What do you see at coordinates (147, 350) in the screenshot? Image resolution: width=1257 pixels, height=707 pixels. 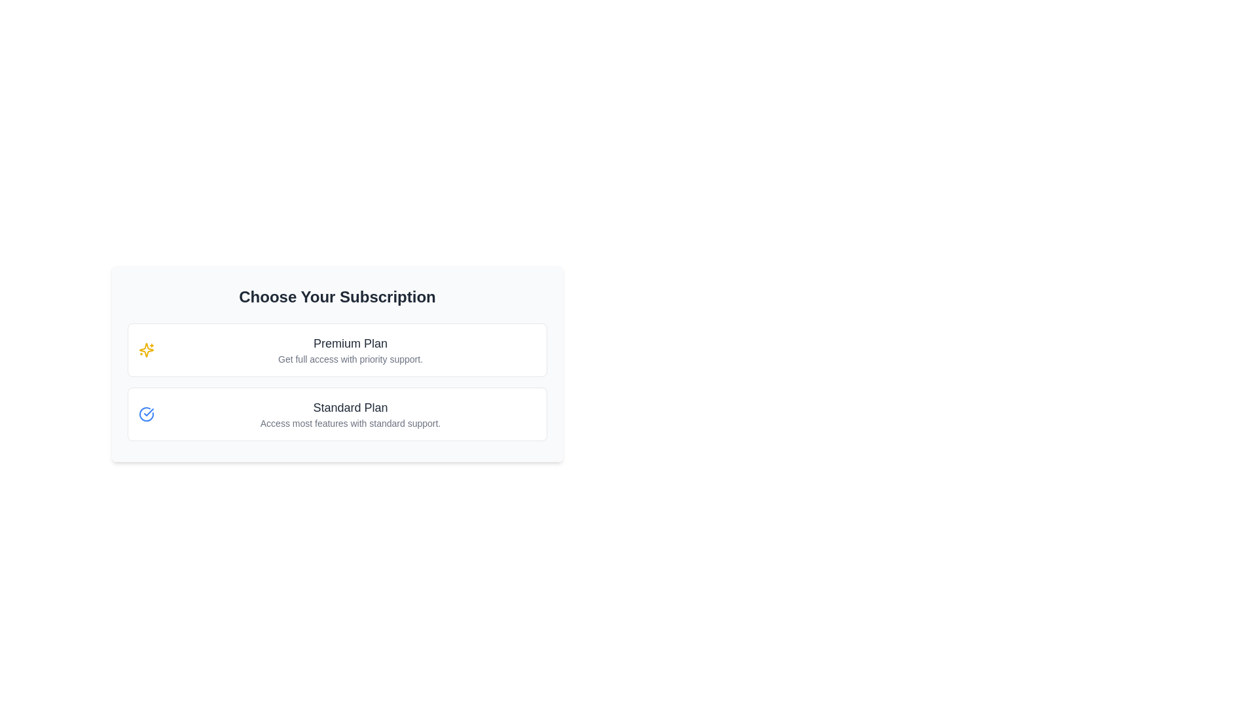 I see `the yellow star icon with sparkles located in the 'Premium Plan' card, positioned to the left of the text 'Premium Plan Get full access with priority support.'` at bounding box center [147, 350].